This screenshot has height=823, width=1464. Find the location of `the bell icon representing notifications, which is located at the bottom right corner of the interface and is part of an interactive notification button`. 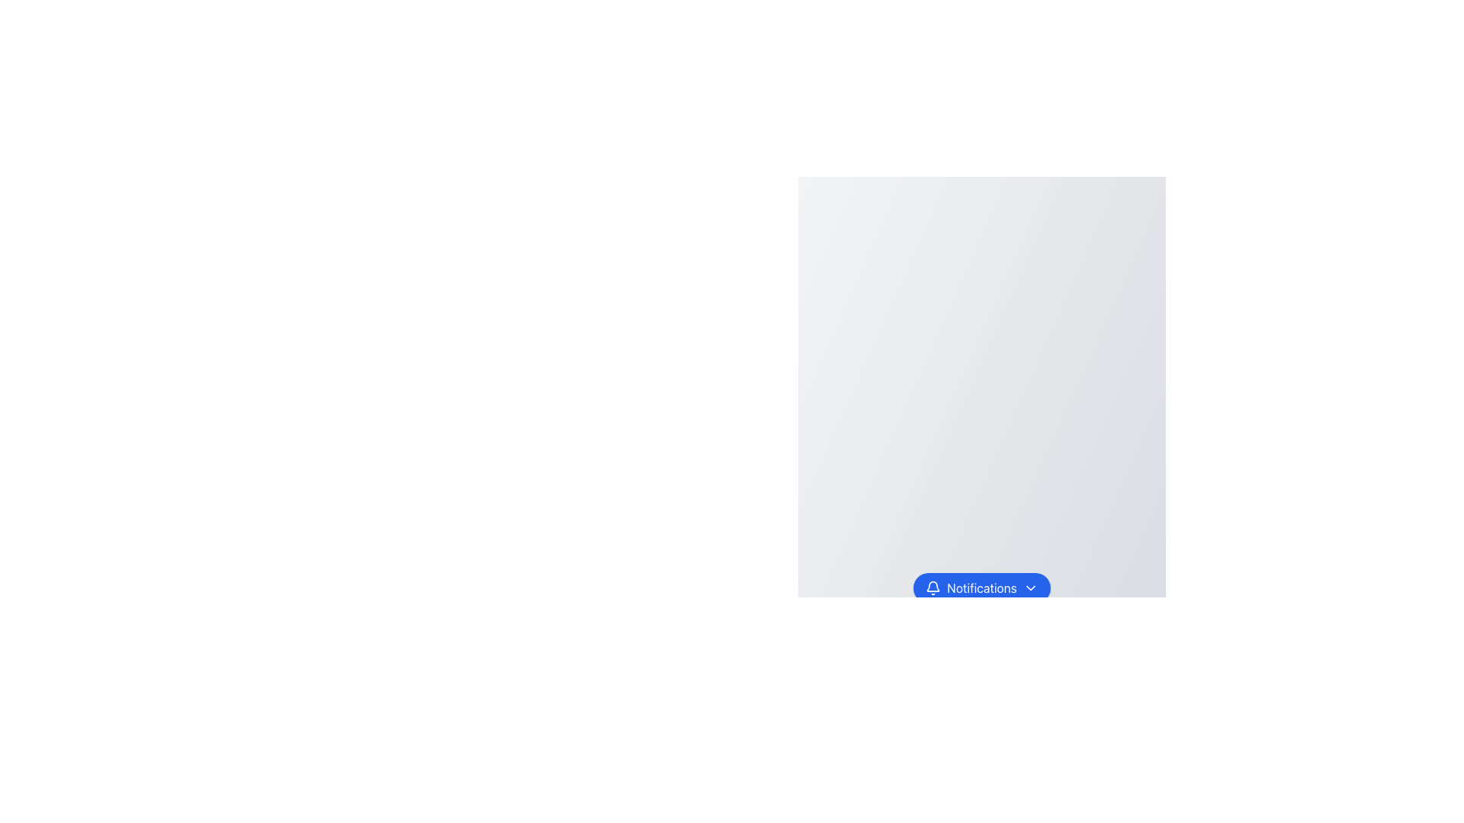

the bell icon representing notifications, which is located at the bottom right corner of the interface and is part of an interactive notification button is located at coordinates (933, 585).